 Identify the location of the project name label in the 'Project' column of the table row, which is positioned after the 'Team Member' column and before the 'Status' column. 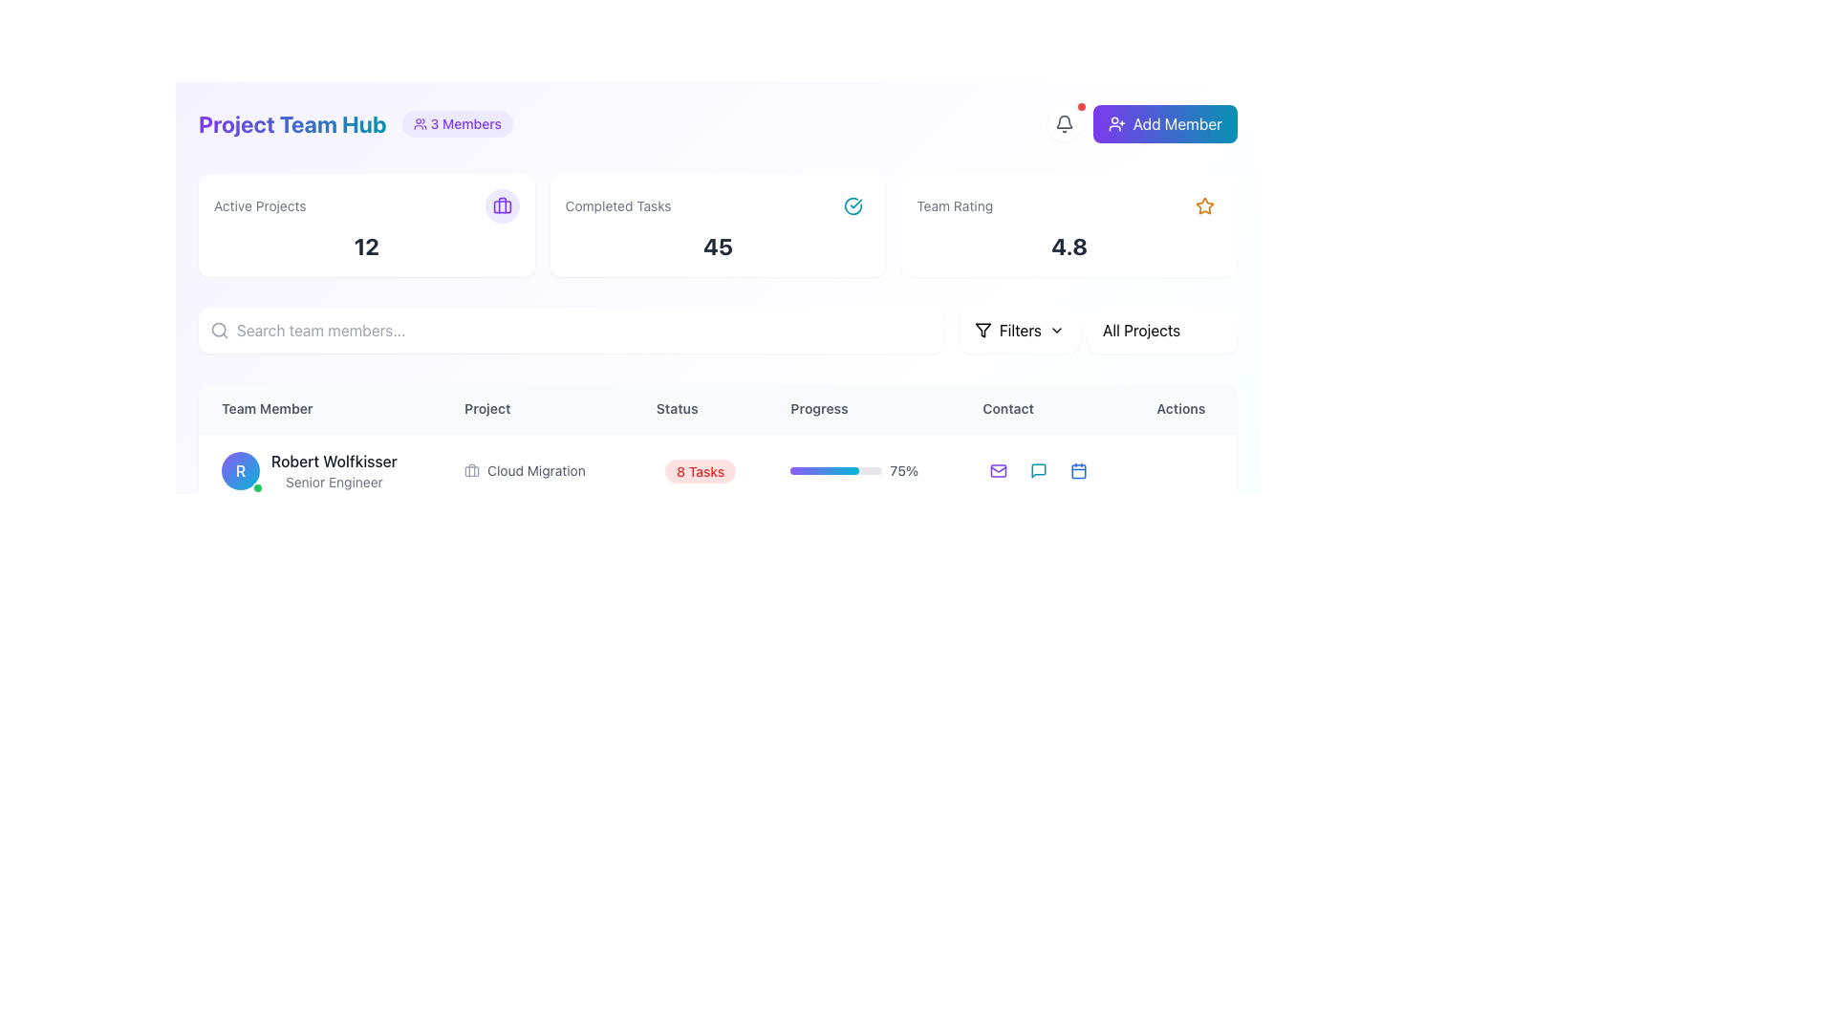
(536, 471).